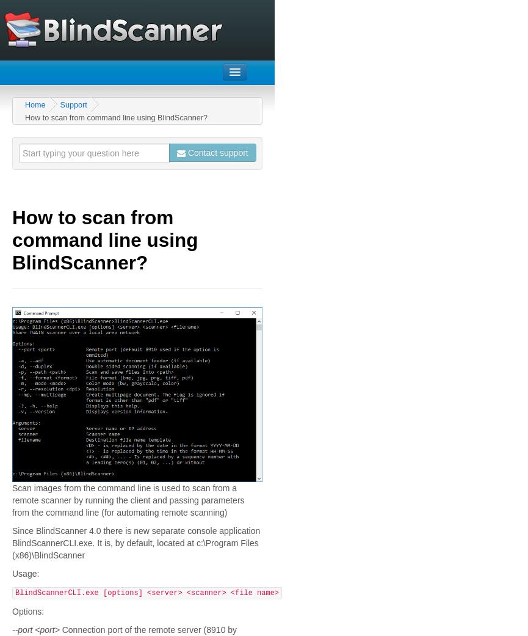 The width and height of the screenshot is (528, 636). Describe the element at coordinates (135, 543) in the screenshot. I see `'Since BlindScanner 4.0 there is new separate console application BlindScannerCLI.exe. It is, by default, located at c:\Program Files (x86)\BlindScanner'` at that location.